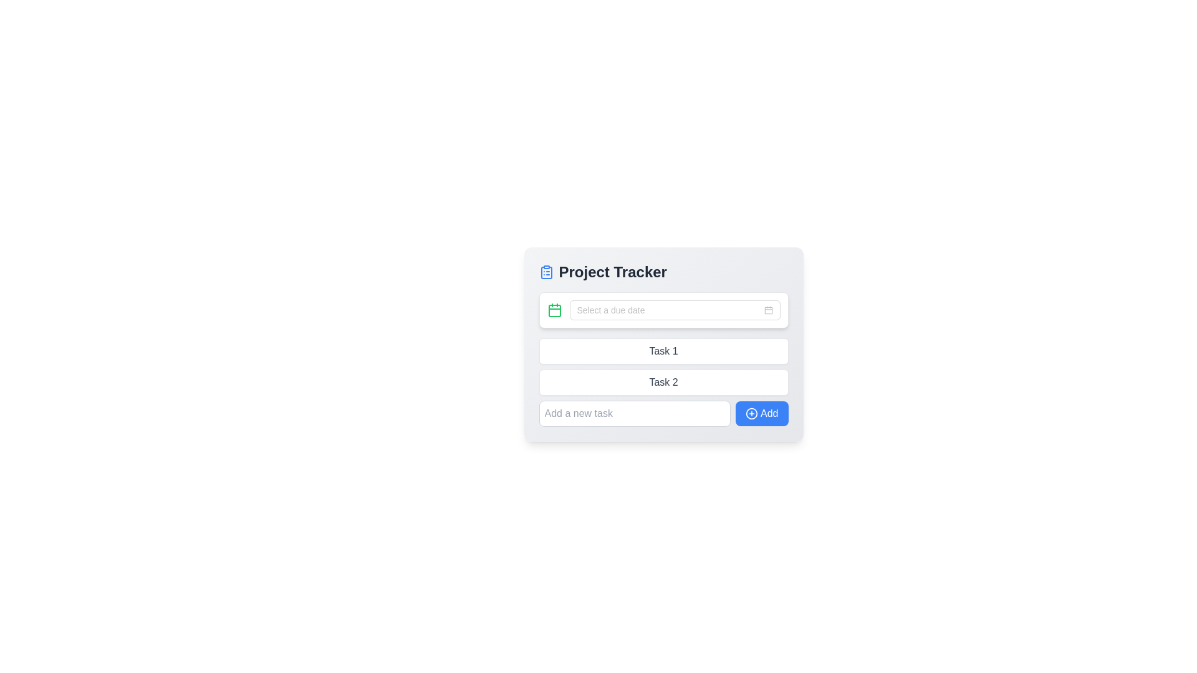  Describe the element at coordinates (751, 413) in the screenshot. I see `the blue circular icon with a plus symbol inside it, which is part of the 'Add' button located at the bottom right of the task management interface` at that location.